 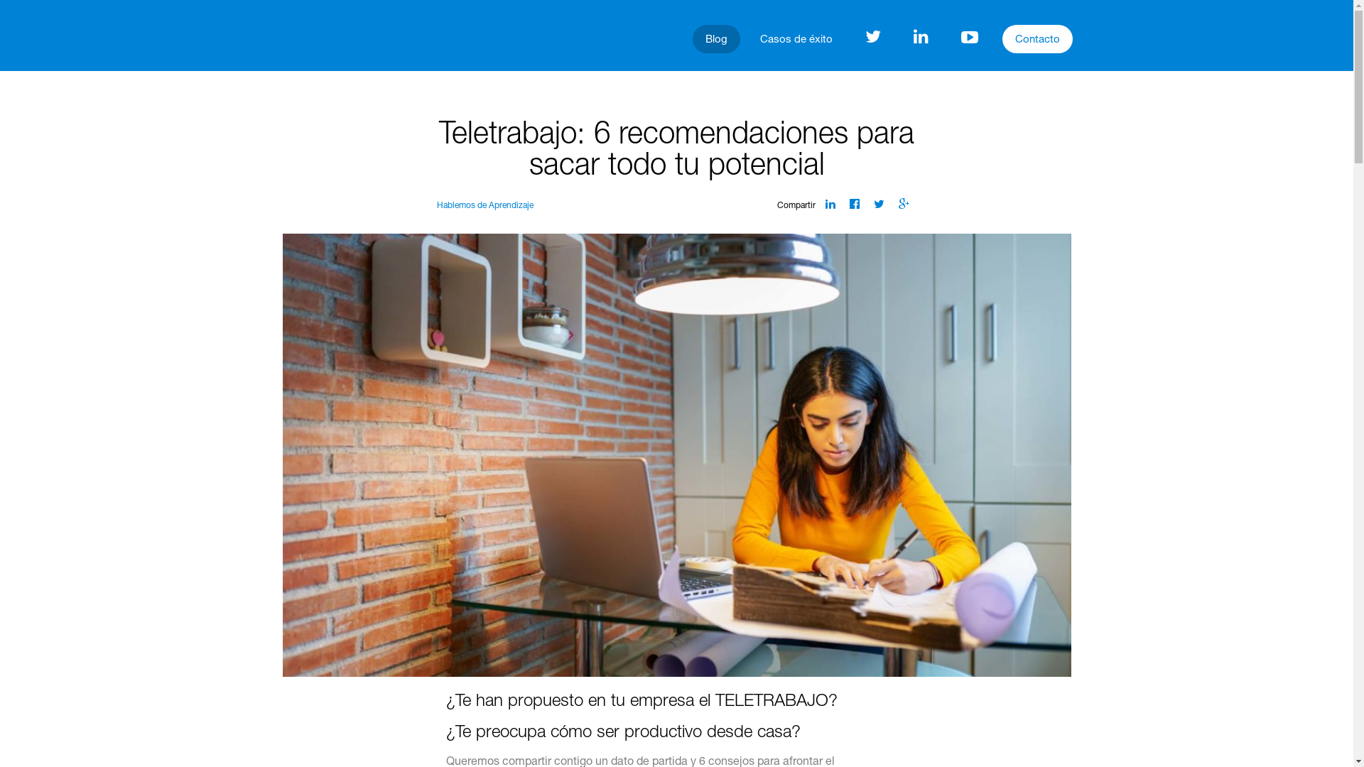 I want to click on 'Contacto', so click(x=1002, y=38).